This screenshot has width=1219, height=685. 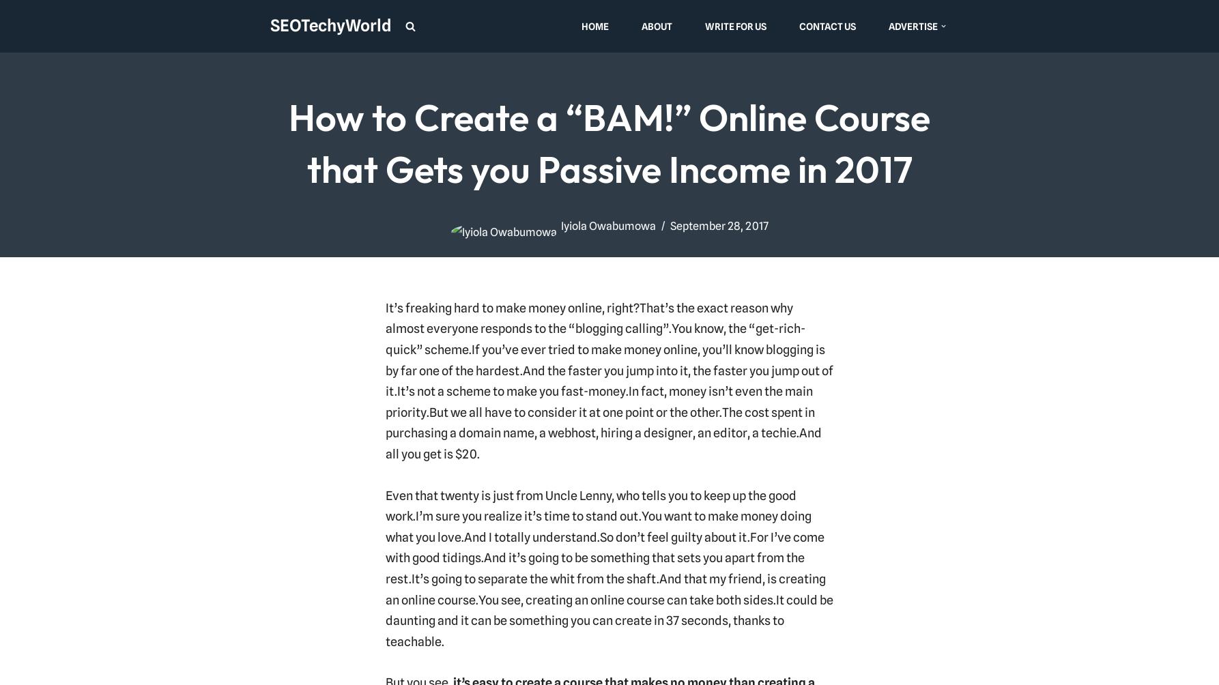 What do you see at coordinates (384, 546) in the screenshot?
I see `'For I’ve come with good tidings.'` at bounding box center [384, 546].